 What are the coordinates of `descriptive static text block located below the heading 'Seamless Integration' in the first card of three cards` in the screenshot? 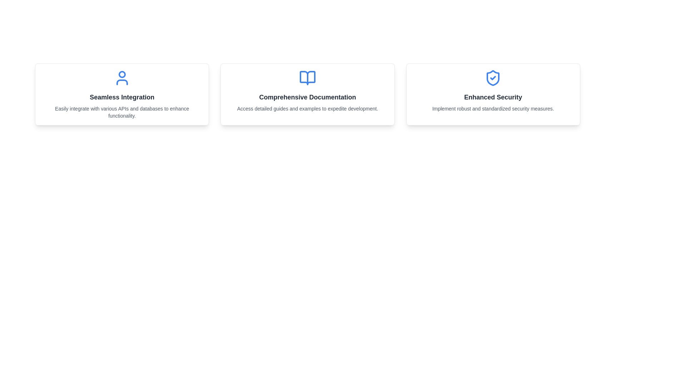 It's located at (122, 112).